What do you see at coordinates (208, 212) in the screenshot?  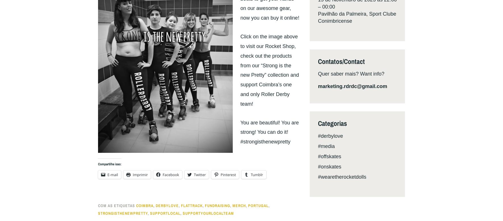 I see `'supportyourlocalteam'` at bounding box center [208, 212].